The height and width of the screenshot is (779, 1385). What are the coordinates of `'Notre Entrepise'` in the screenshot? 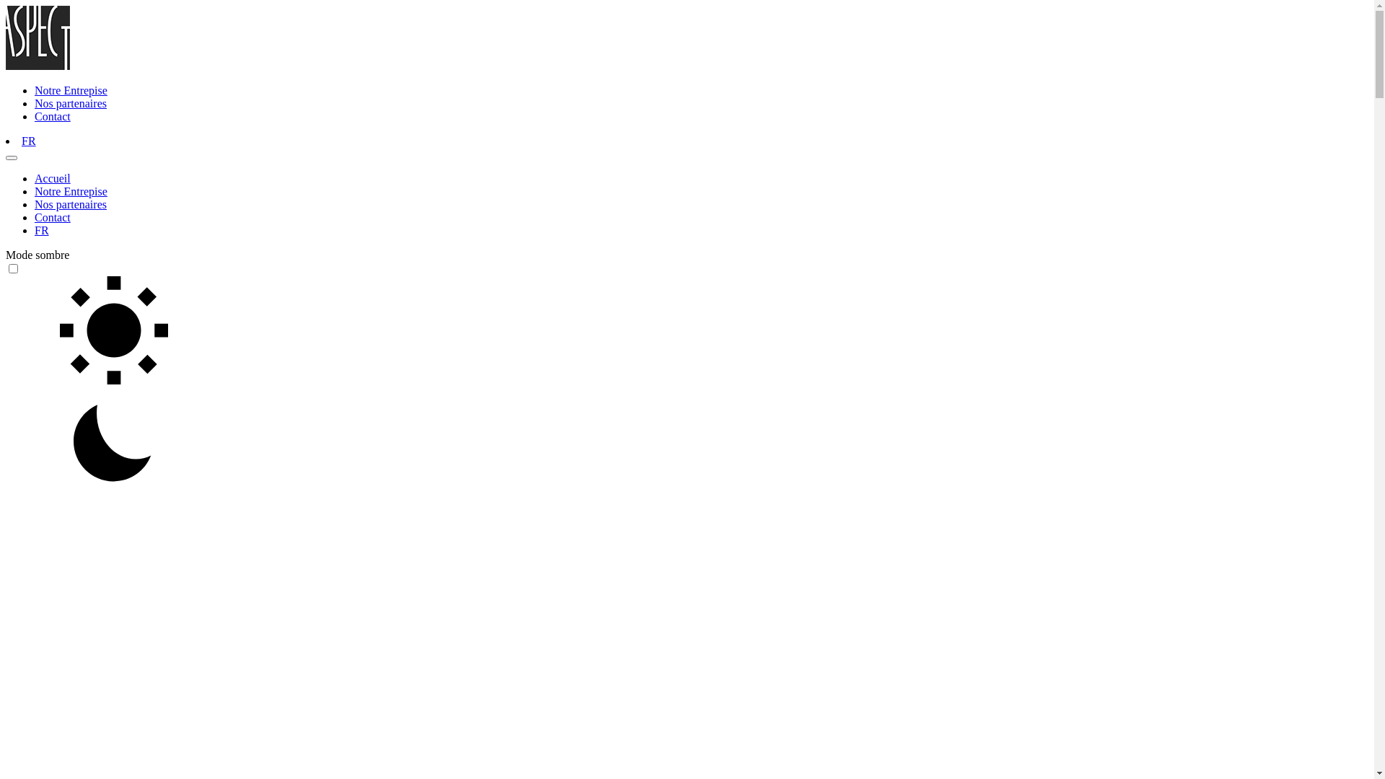 It's located at (70, 190).